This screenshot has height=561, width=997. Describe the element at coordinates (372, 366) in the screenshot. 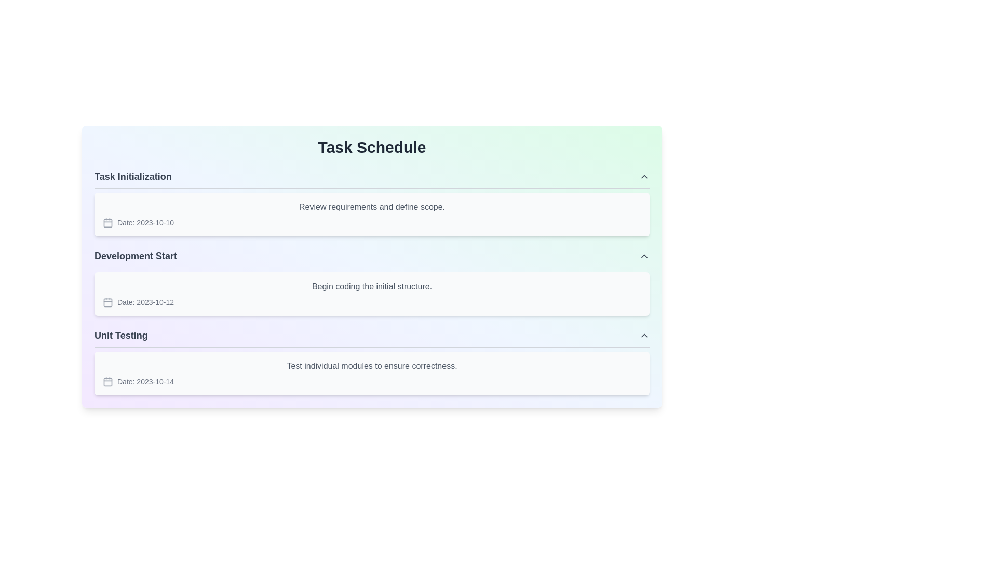

I see `text information from the gray font label that states 'Test individual modules to ensure correctness.' located in the top section of the 'Unit Testing' card` at that location.